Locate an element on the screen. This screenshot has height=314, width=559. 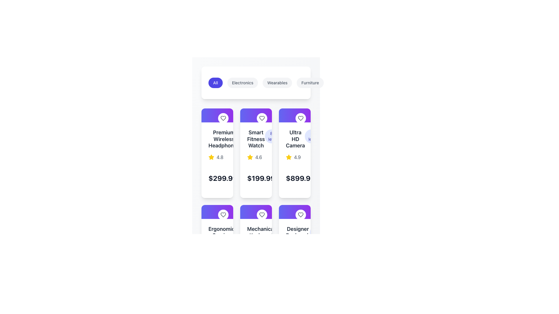
the 'Designer Backpack' text label located in the bottom-right product card, which is bold and prominently displayed above stock availability information is located at coordinates (298, 232).